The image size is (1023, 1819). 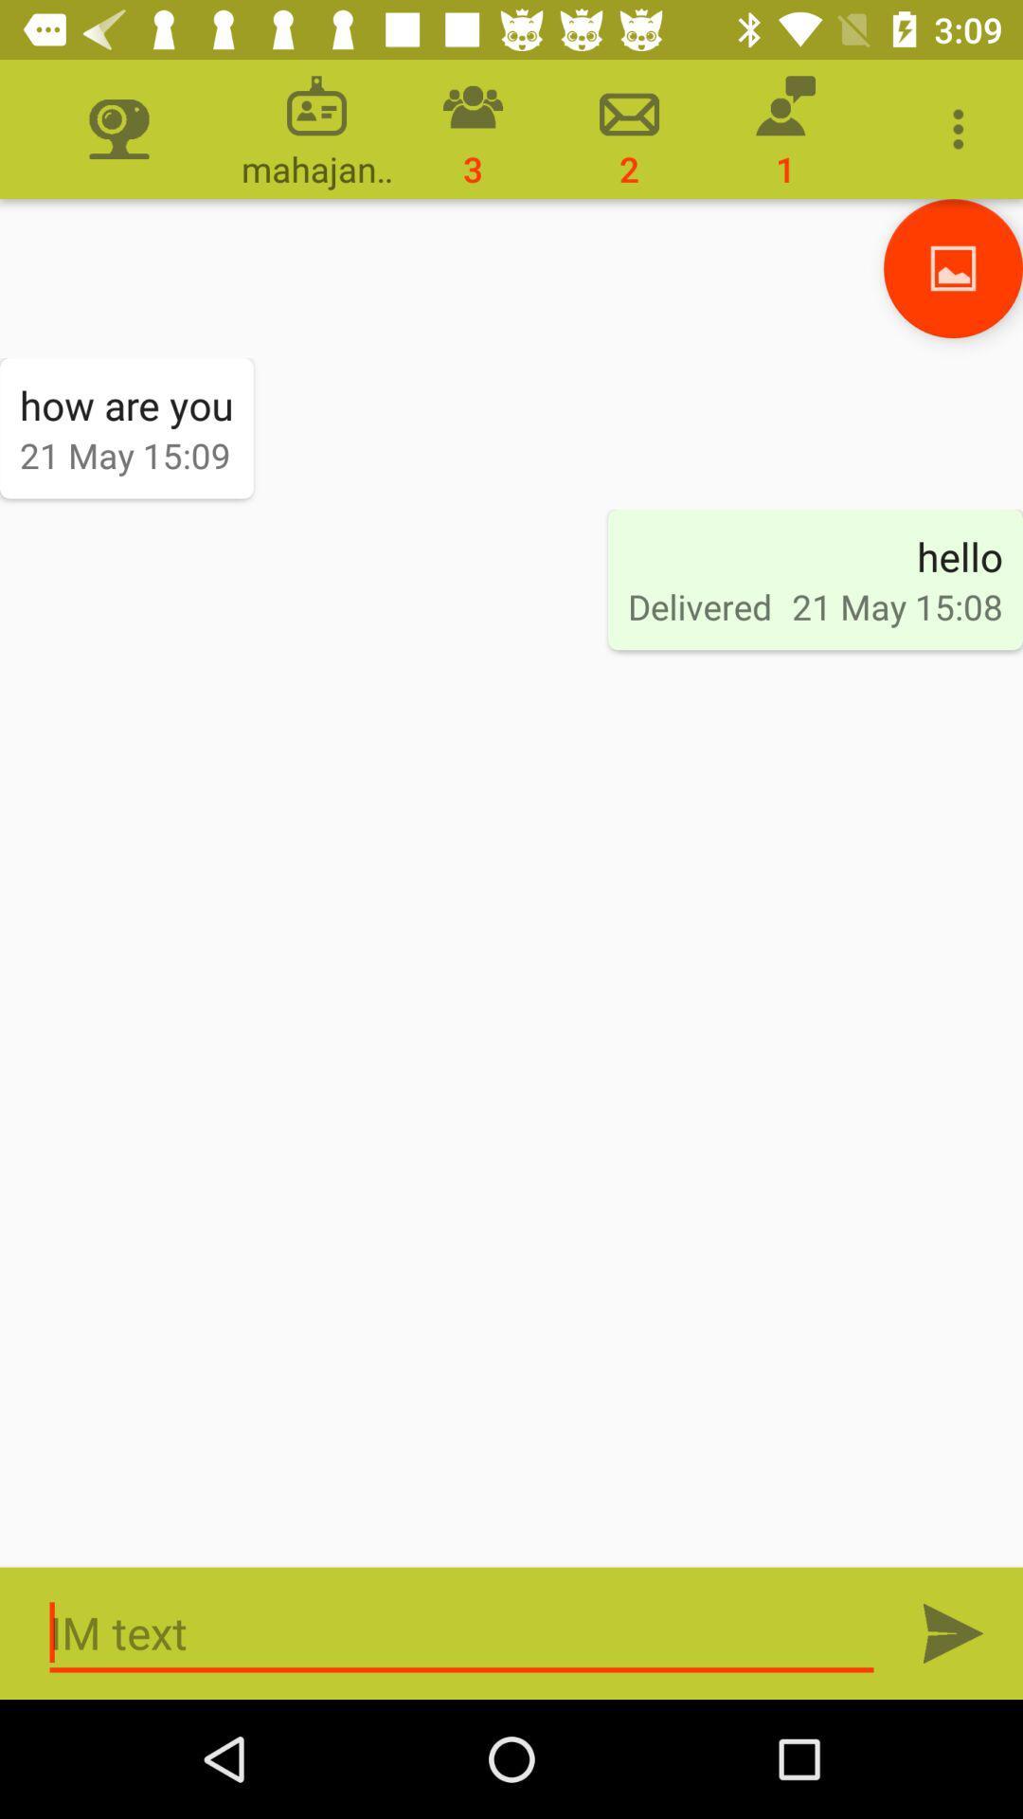 I want to click on the second icon from top right corner, so click(x=785, y=128).